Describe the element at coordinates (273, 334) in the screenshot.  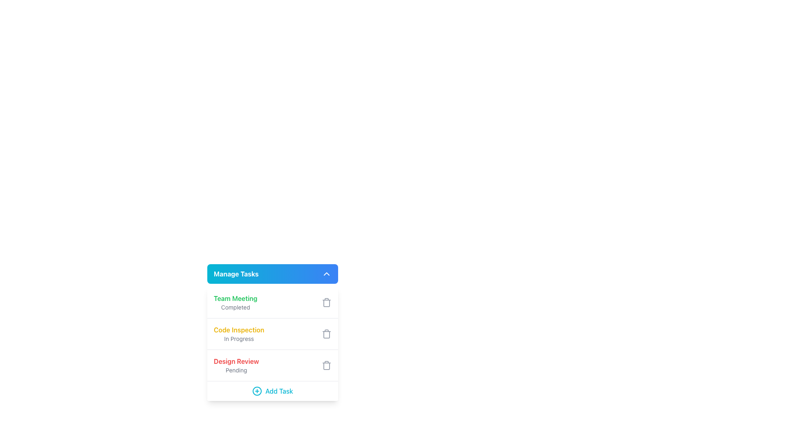
I see `the task entry titled 'In Progress'` at that location.